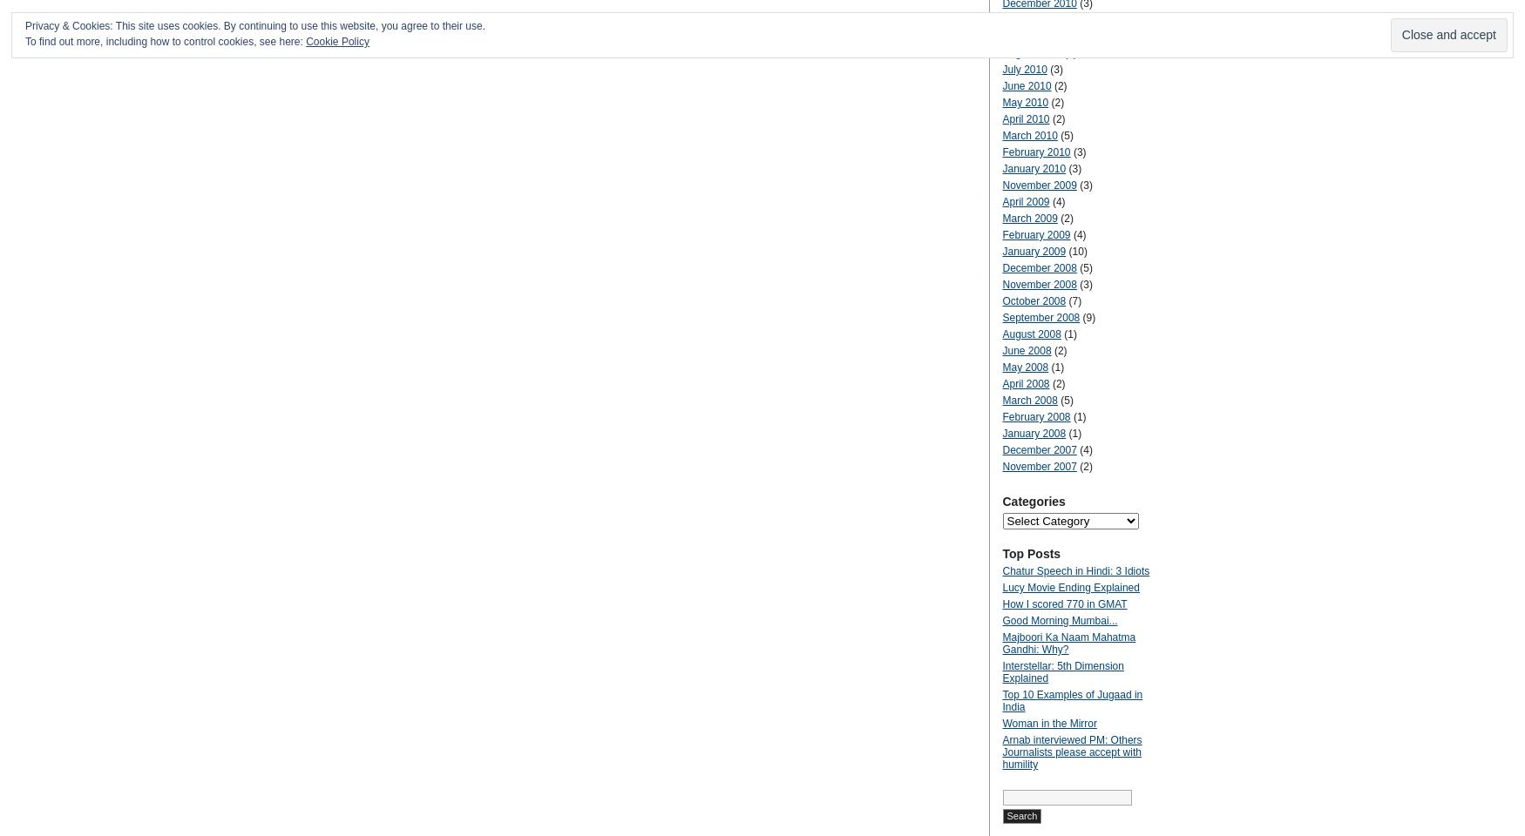  Describe the element at coordinates (1039, 19) in the screenshot. I see `'November 2010'` at that location.